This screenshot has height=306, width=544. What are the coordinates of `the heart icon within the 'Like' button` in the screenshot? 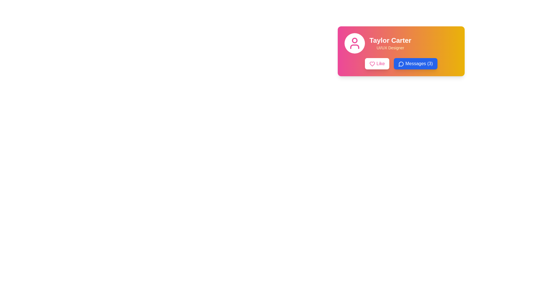 It's located at (372, 64).